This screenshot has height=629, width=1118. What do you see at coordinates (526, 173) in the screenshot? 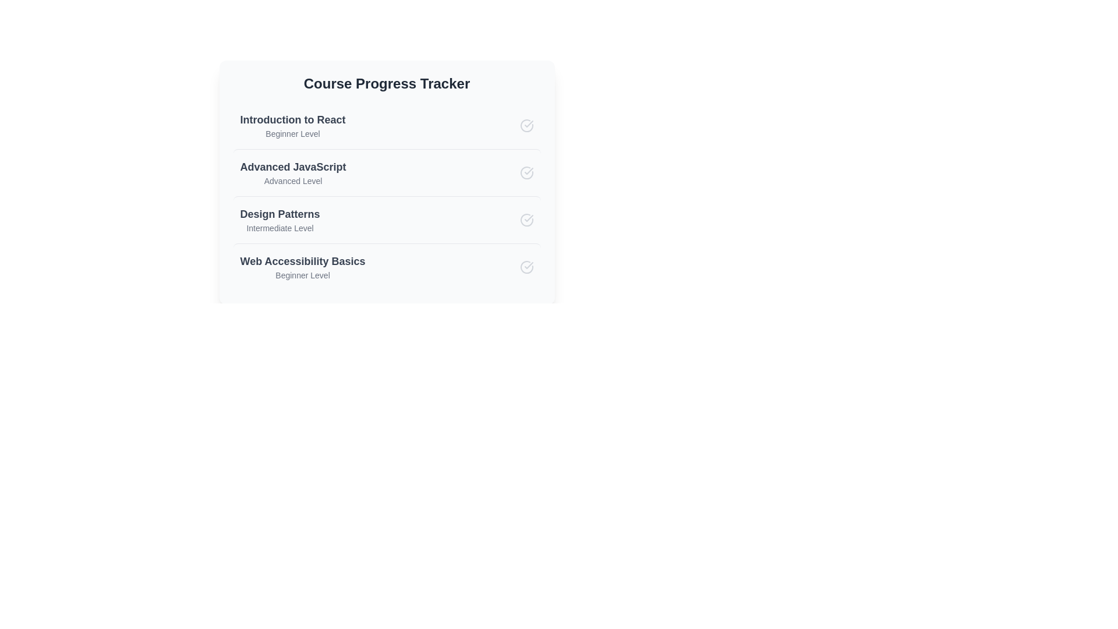
I see `the completion status icon for the 'Advanced JavaScript' course in the 'Course Progress Tracker' list, located at the rightmost position aligned with the course title` at bounding box center [526, 173].